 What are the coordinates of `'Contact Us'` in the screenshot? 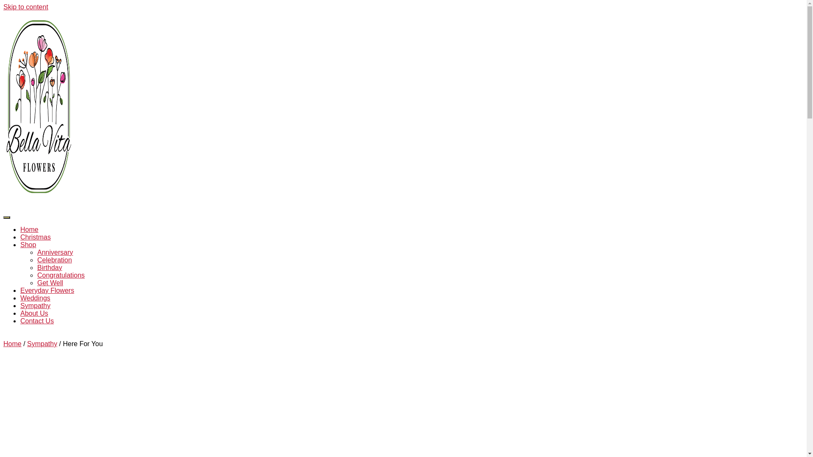 It's located at (36, 321).